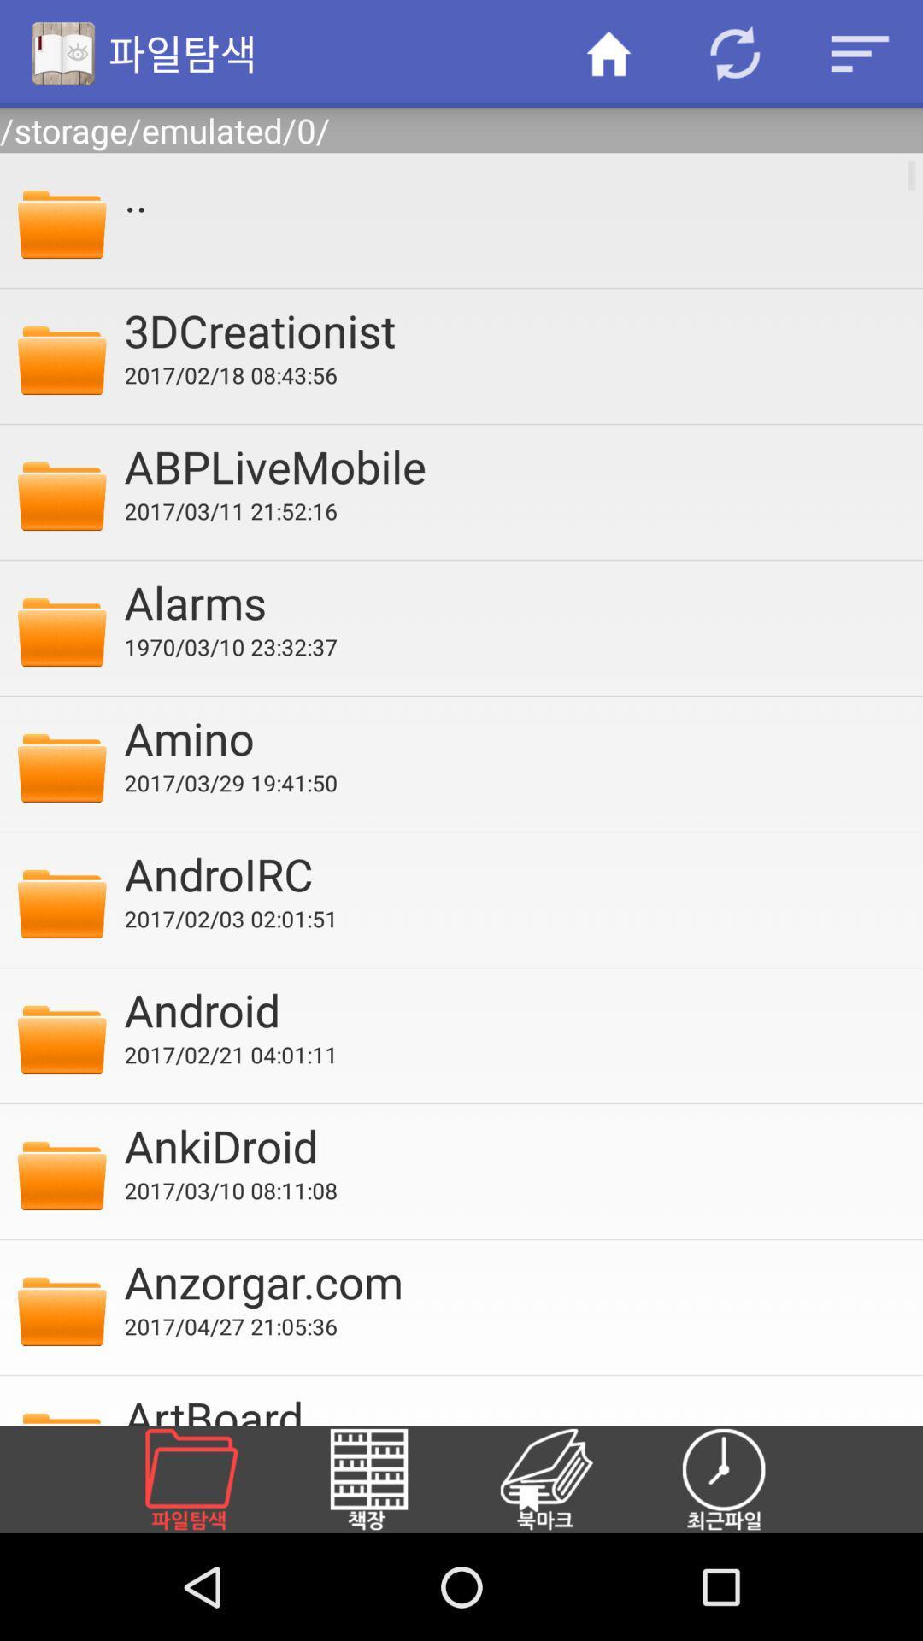 Image resolution: width=923 pixels, height=1641 pixels. Describe the element at coordinates (511, 873) in the screenshot. I see `item below the 2017 03 29 item` at that location.